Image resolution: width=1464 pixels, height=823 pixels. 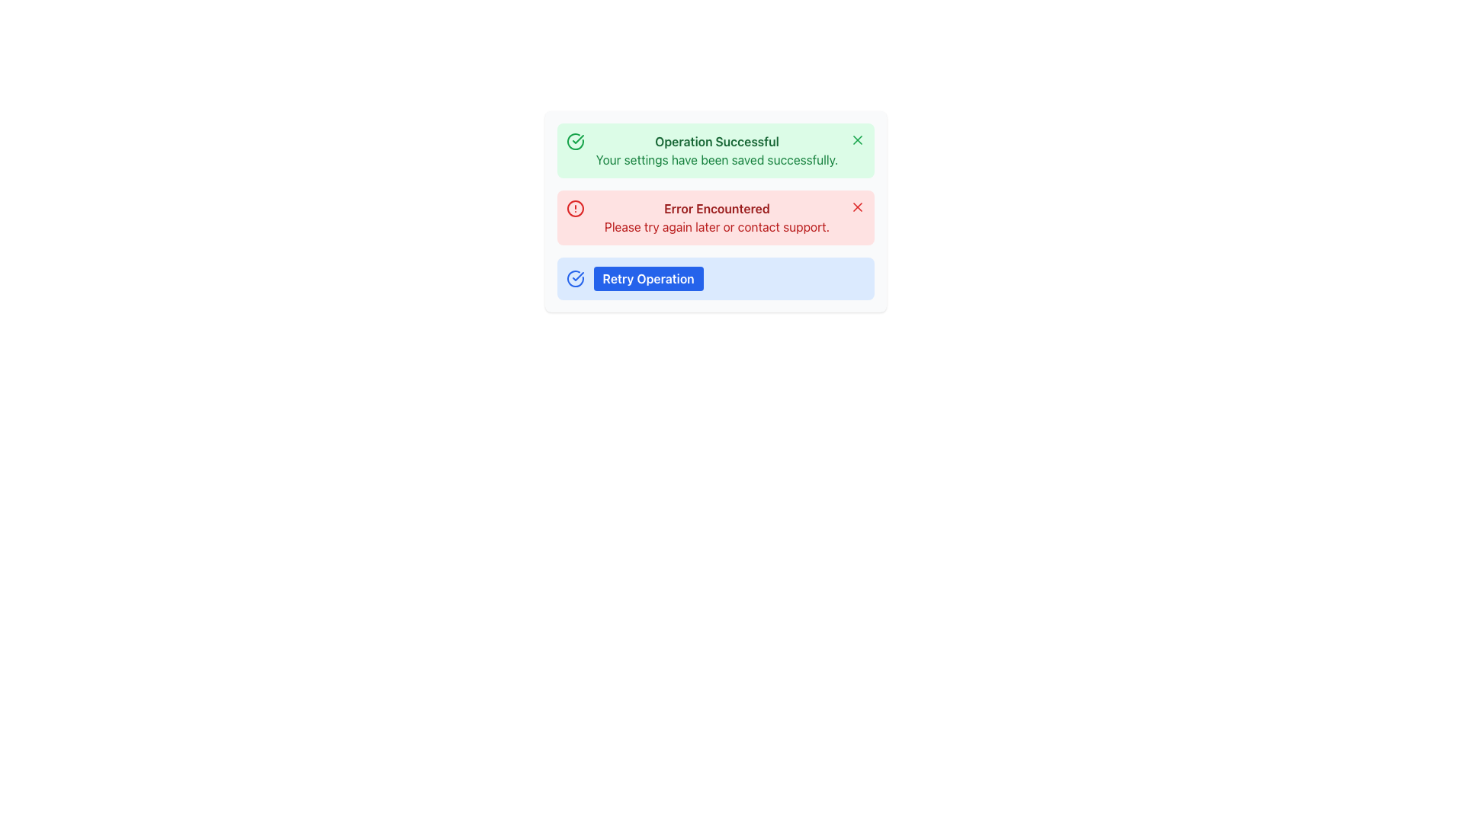 I want to click on the close button located at the top right corner of the green notification box titled 'Operation Successful' to change its color, so click(x=857, y=140).